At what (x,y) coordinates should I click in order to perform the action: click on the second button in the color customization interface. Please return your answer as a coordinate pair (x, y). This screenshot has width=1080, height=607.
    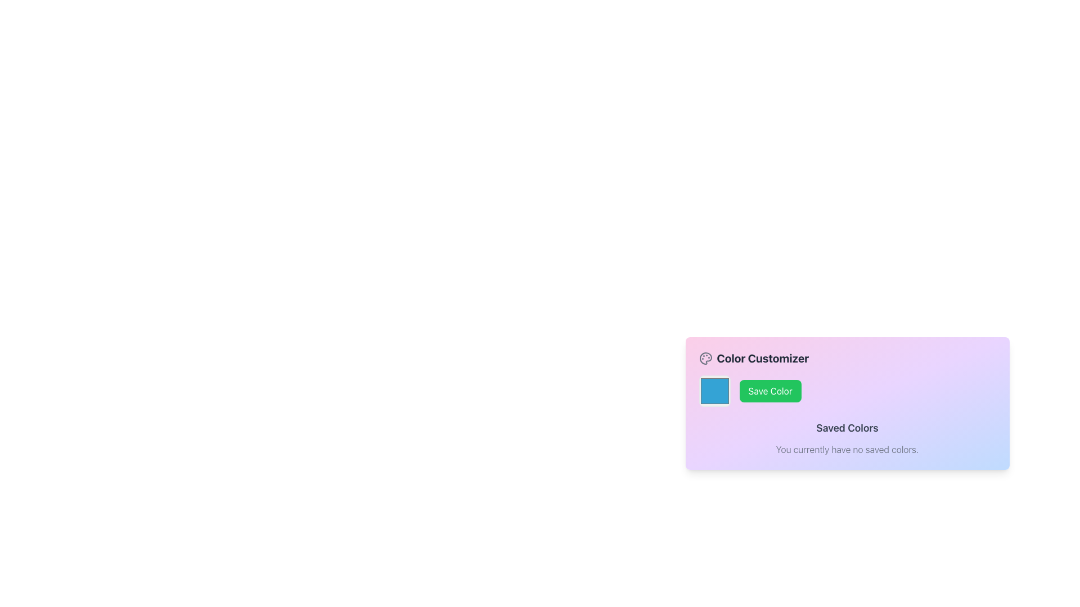
    Looking at the image, I should click on (769, 390).